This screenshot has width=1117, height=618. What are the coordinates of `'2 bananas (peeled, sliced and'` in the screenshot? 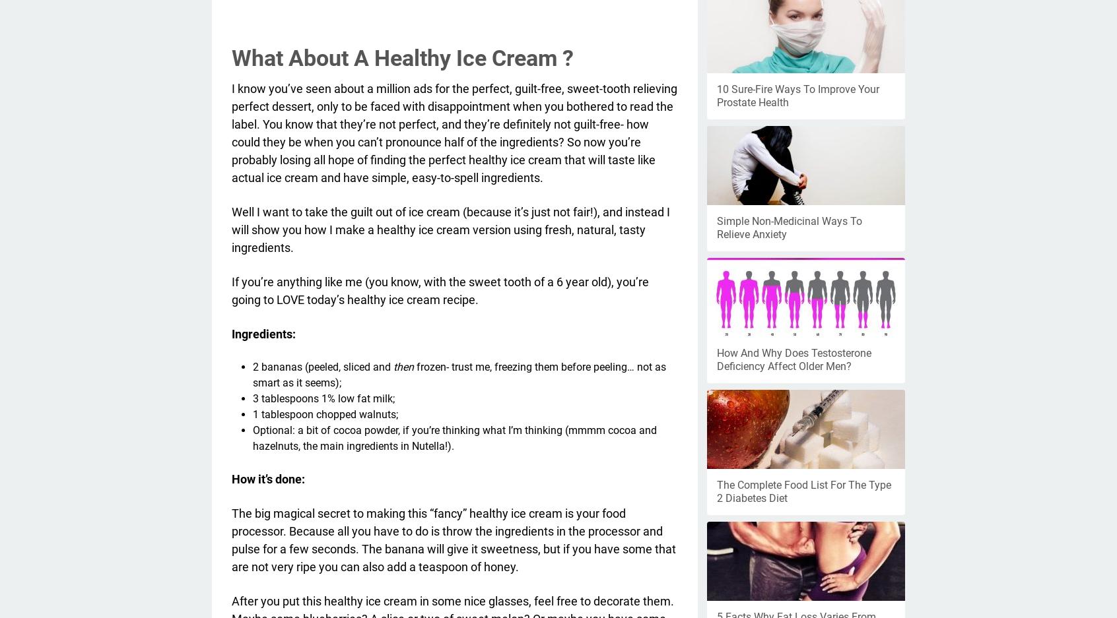 It's located at (322, 366).